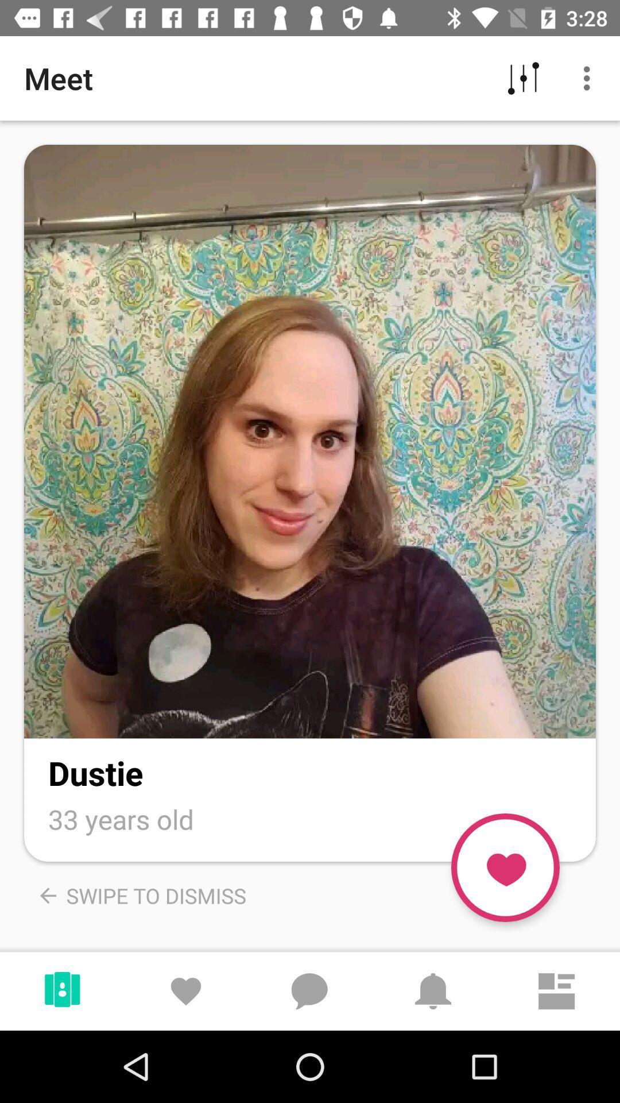 This screenshot has height=1103, width=620. What do you see at coordinates (310, 441) in the screenshot?
I see `the icon above dustie` at bounding box center [310, 441].